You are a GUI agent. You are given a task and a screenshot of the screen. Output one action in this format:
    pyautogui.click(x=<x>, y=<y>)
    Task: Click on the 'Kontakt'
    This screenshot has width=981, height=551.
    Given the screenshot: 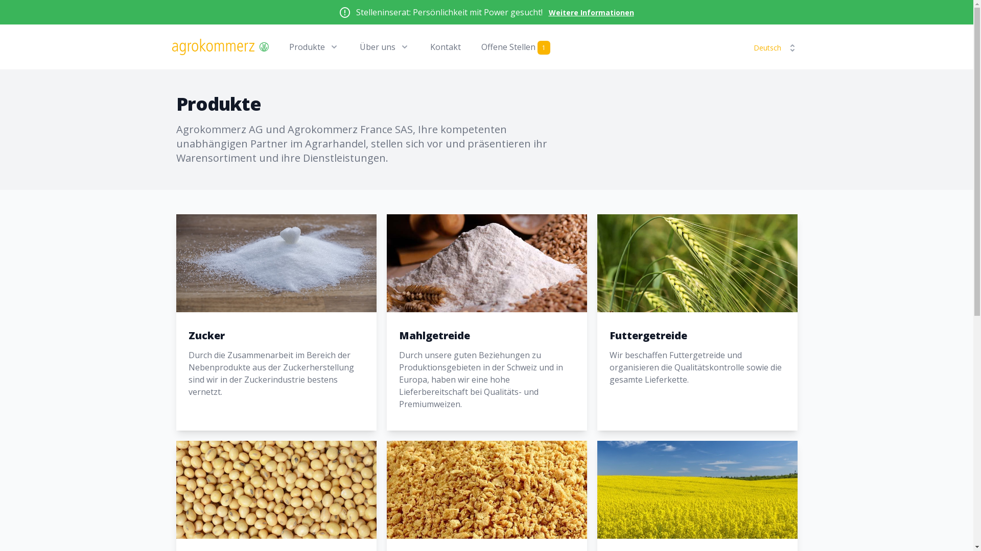 What is the action you would take?
    pyautogui.click(x=446, y=47)
    